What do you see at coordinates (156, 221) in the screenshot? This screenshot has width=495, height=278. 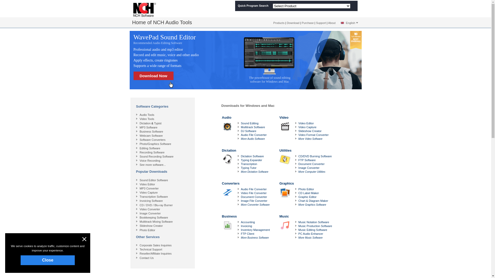 I see `'Multitrack Mixing Software'` at bounding box center [156, 221].